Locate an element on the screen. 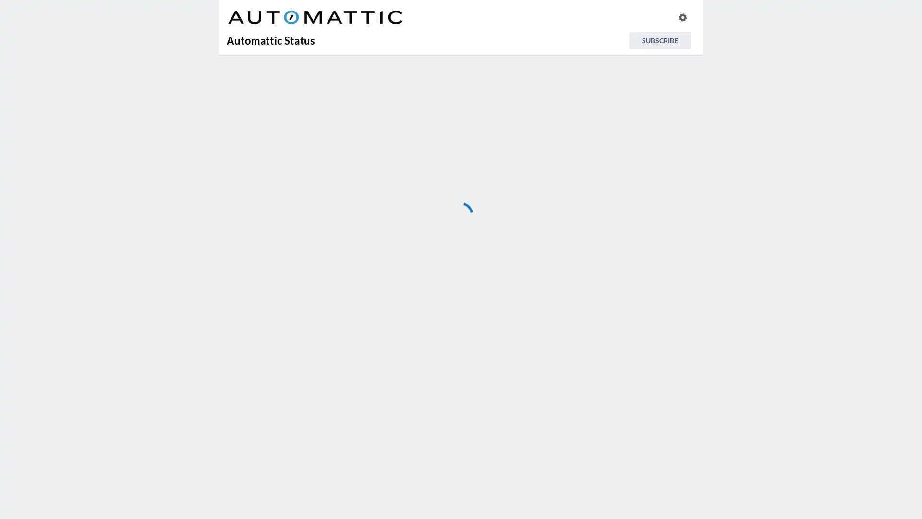 Image resolution: width=922 pixels, height=519 pixels. Tumblr API Response Time : 186 ms is located at coordinates (402, 503).